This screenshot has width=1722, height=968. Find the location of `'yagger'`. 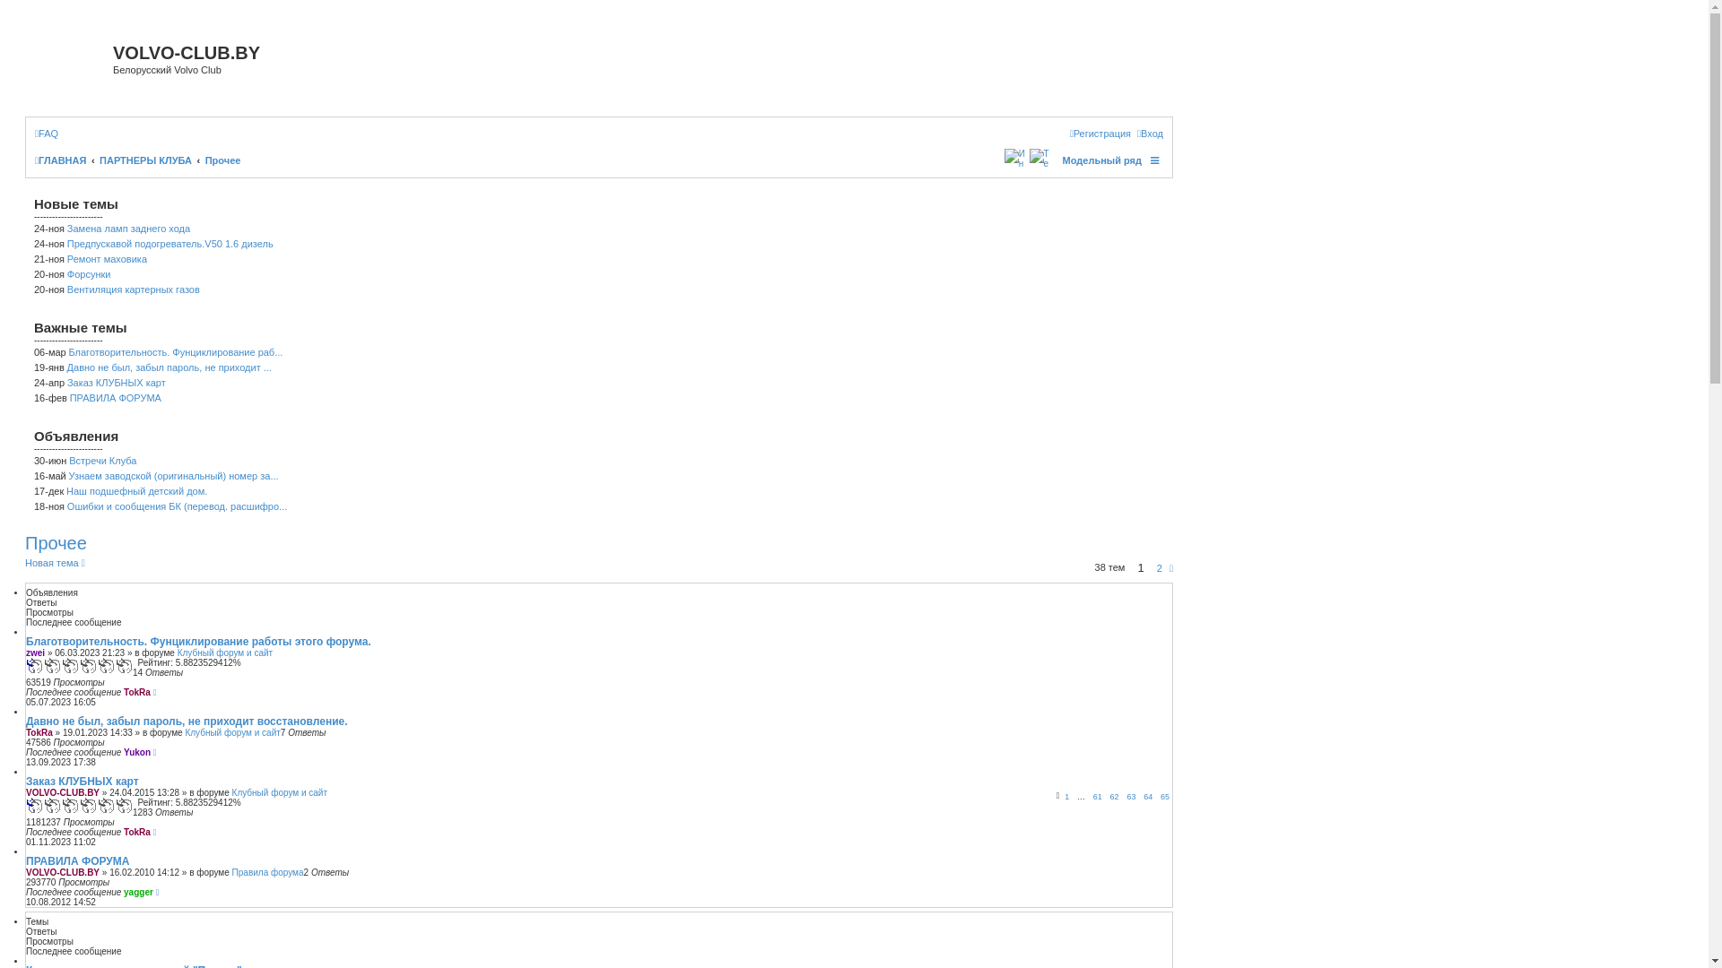

'yagger' is located at coordinates (137, 892).